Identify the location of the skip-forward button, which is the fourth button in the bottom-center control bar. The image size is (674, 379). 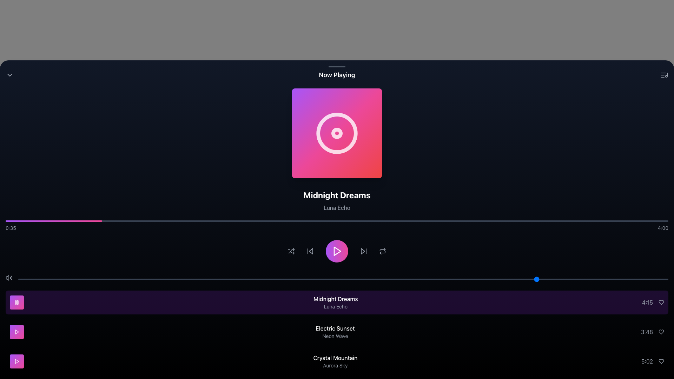
(364, 251).